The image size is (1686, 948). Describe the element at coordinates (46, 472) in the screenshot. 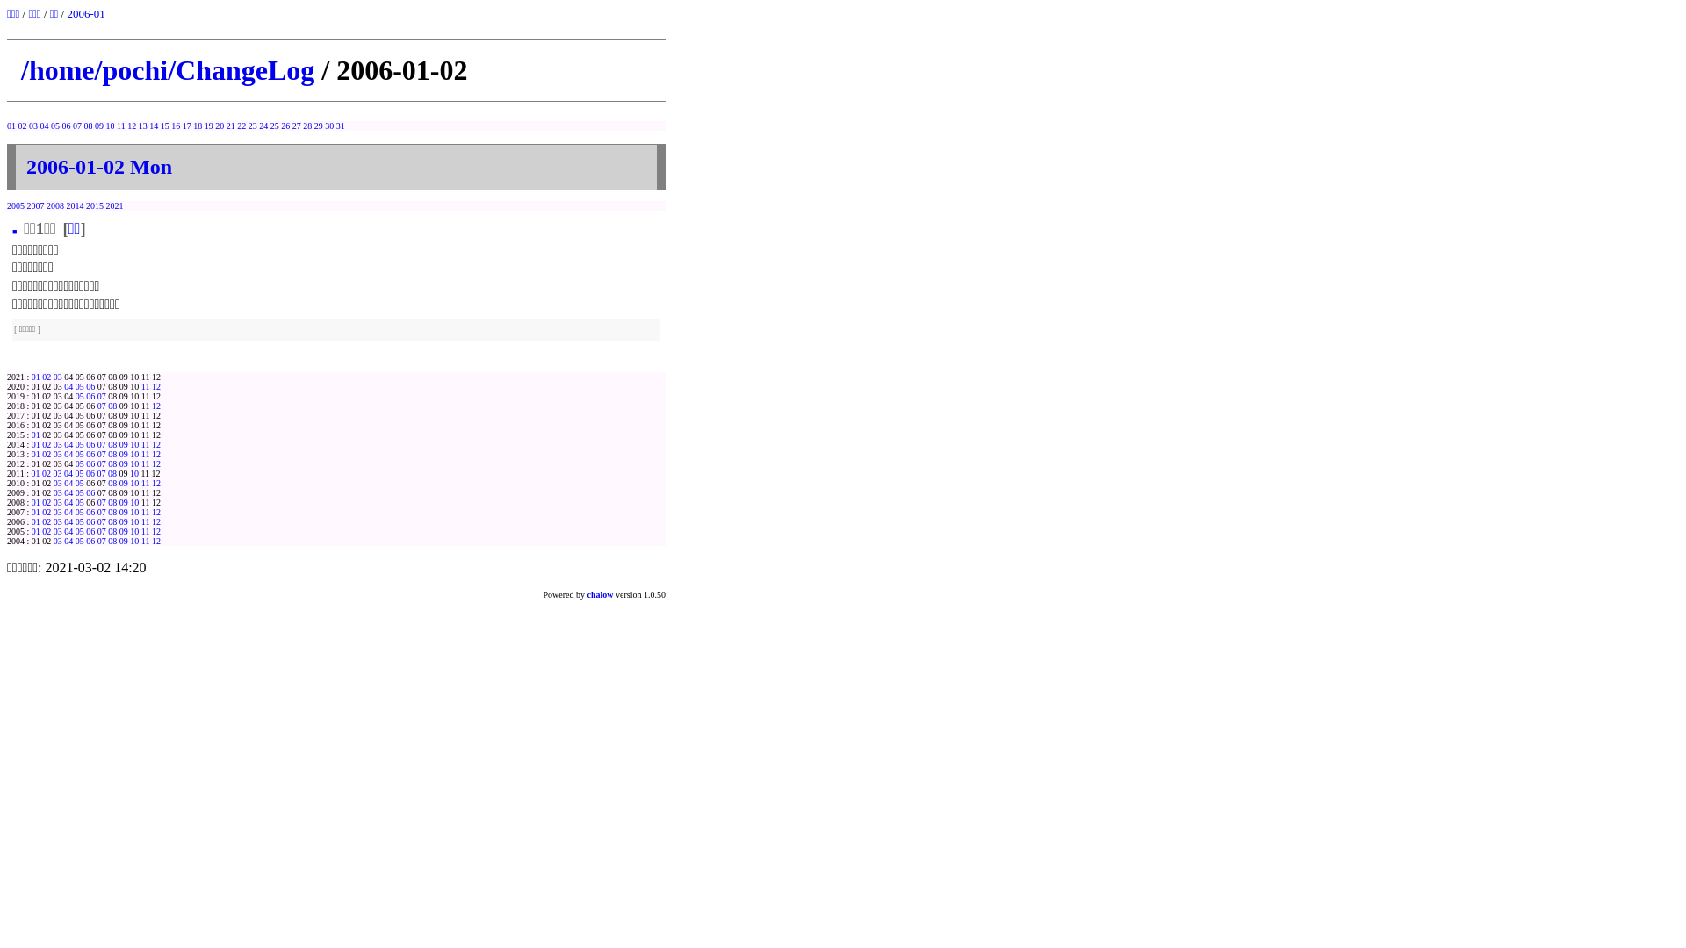

I see `'02'` at that location.